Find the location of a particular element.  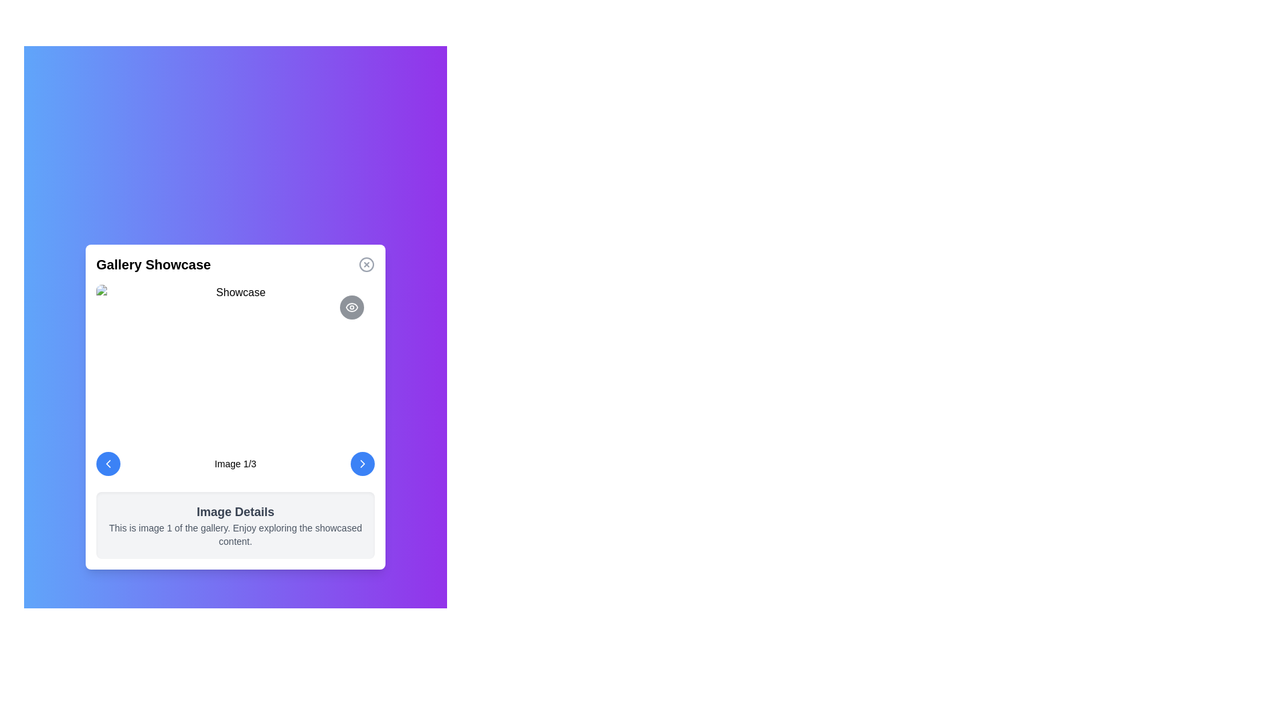

the eye icon with a gray outline located at the top-right corner of the gallery showcase modal is located at coordinates (352, 307).